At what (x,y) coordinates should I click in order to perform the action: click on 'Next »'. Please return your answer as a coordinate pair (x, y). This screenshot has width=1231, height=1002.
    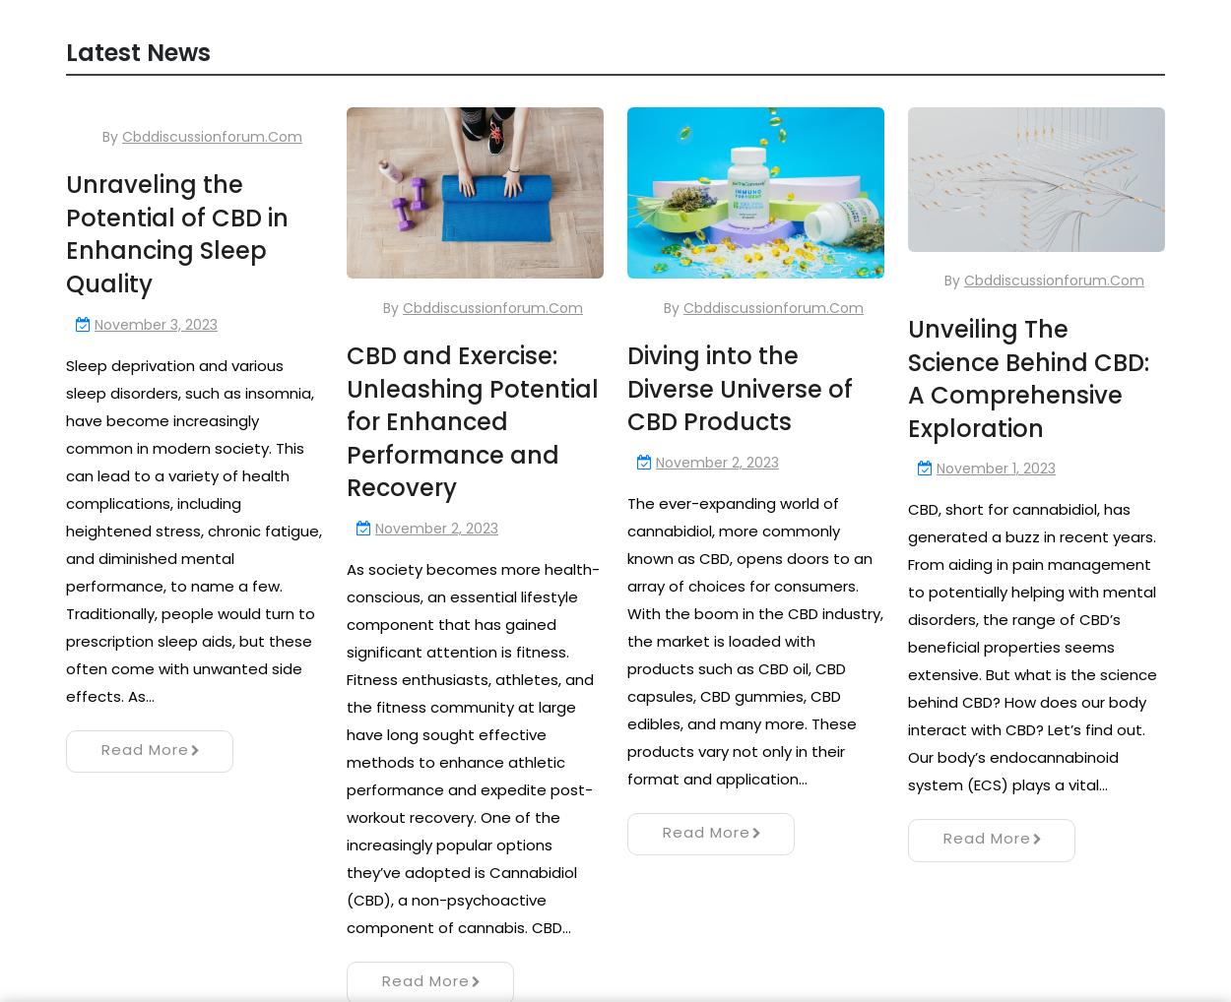
    Looking at the image, I should click on (352, 725).